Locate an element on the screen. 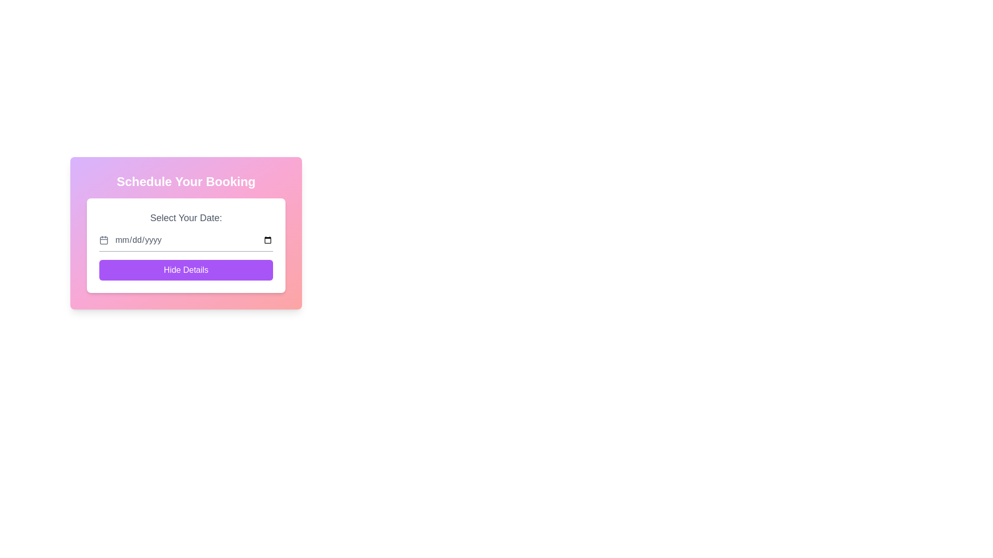 Image resolution: width=993 pixels, height=558 pixels. the date input field within the 'Select Your Date' card is located at coordinates (186, 240).